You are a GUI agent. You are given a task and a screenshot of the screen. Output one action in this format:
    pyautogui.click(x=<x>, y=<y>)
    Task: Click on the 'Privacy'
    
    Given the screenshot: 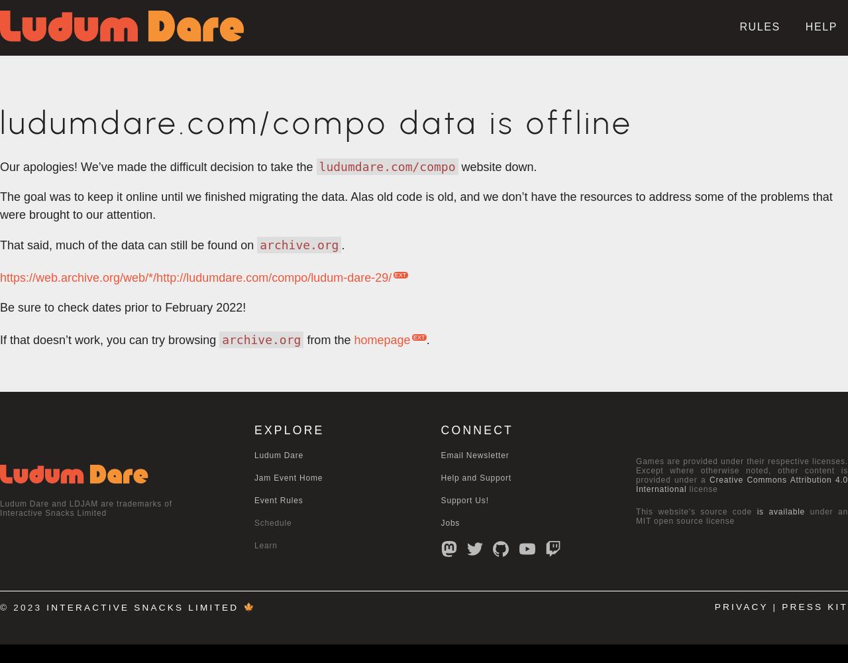 What is the action you would take?
    pyautogui.click(x=740, y=607)
    